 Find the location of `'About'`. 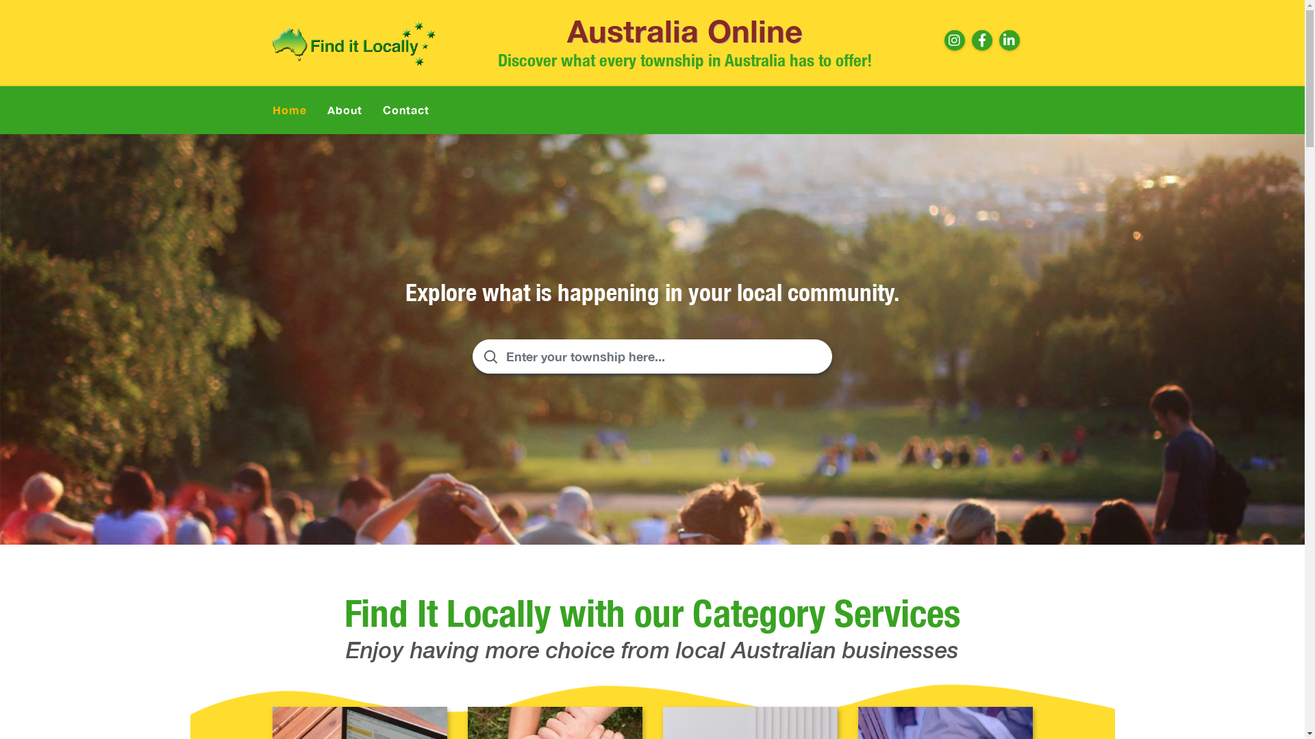

'About' is located at coordinates (345, 109).